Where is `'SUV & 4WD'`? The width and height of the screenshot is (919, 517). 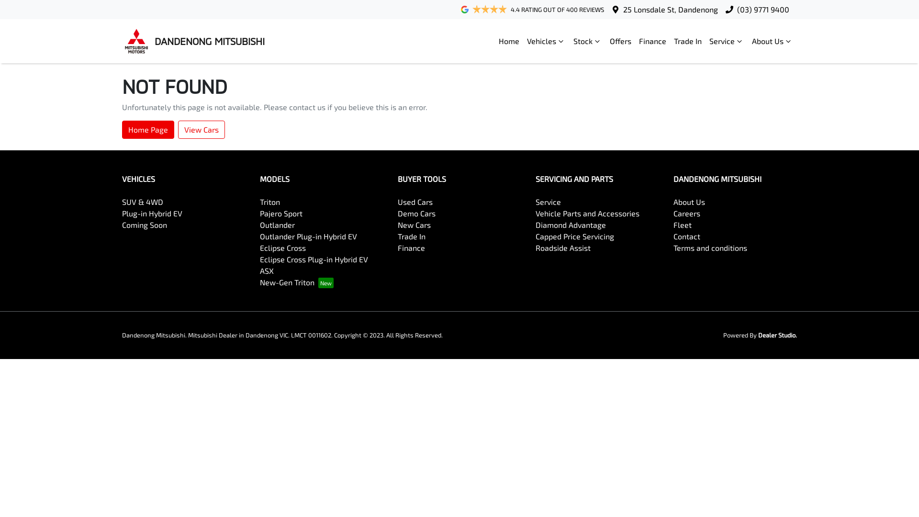 'SUV & 4WD' is located at coordinates (142, 201).